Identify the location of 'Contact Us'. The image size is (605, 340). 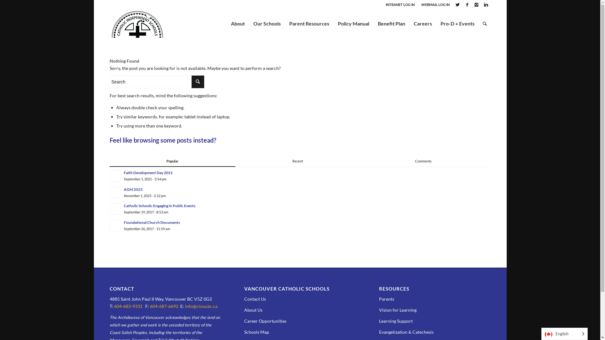
(255, 298).